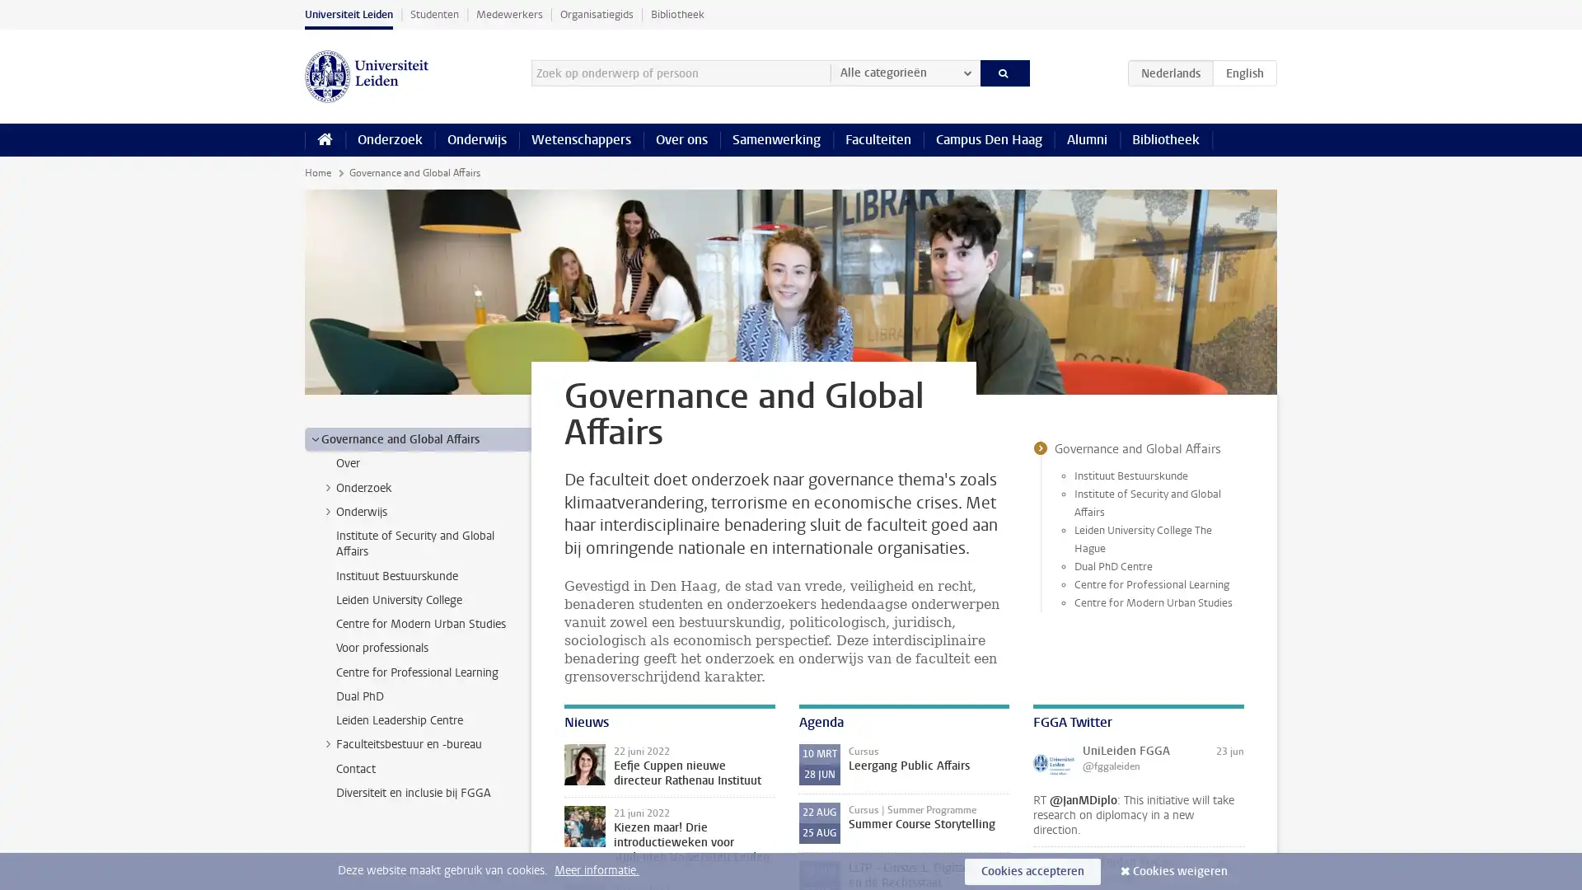 This screenshot has height=890, width=1582. I want to click on Alle categorieen, so click(904, 72).